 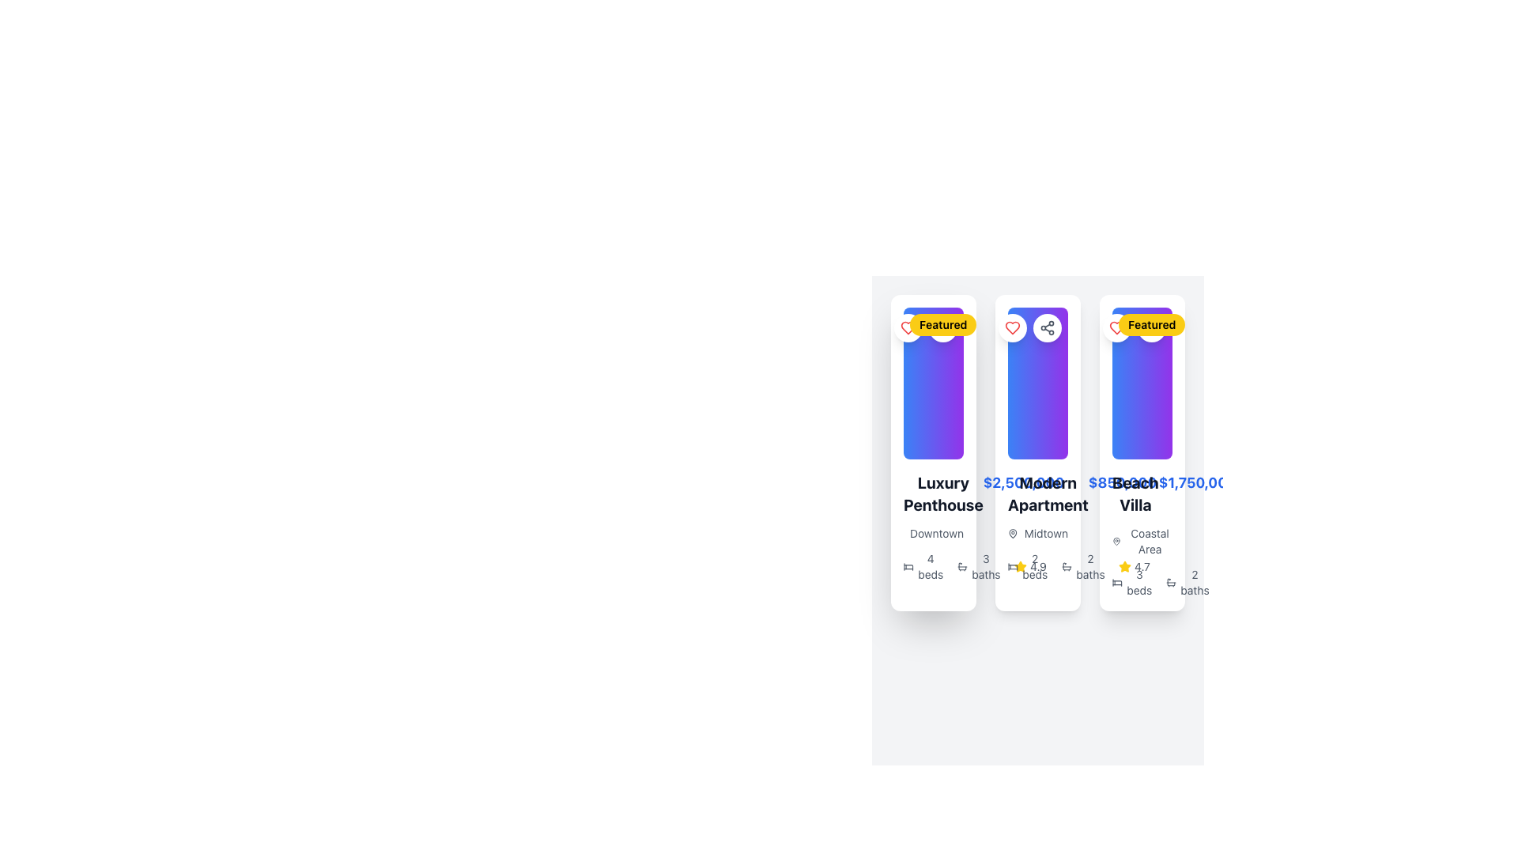 What do you see at coordinates (933, 453) in the screenshot?
I see `the 'Luxury Penthouse' card element, which features a multicolored gradient background and a 'Featured' badge in the top left corner` at bounding box center [933, 453].